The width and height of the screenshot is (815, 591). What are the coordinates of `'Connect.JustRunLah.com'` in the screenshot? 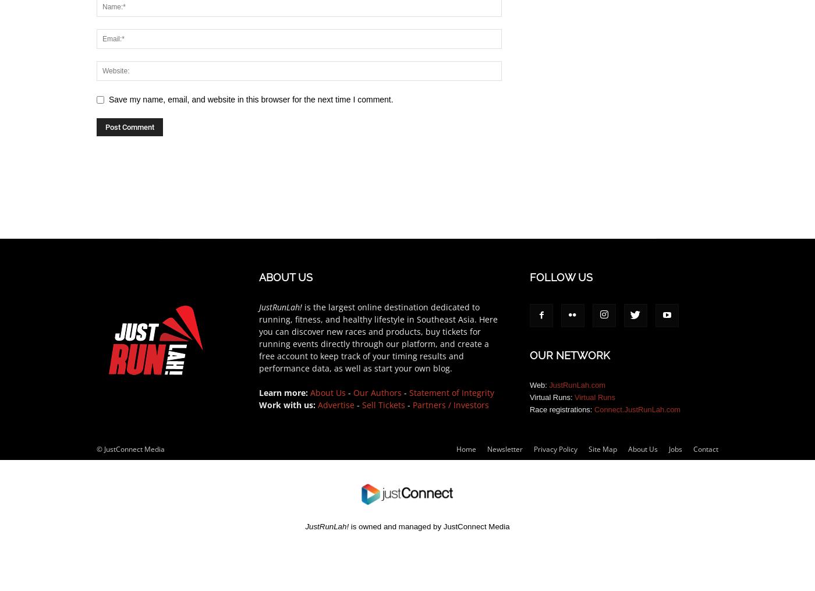 It's located at (637, 409).